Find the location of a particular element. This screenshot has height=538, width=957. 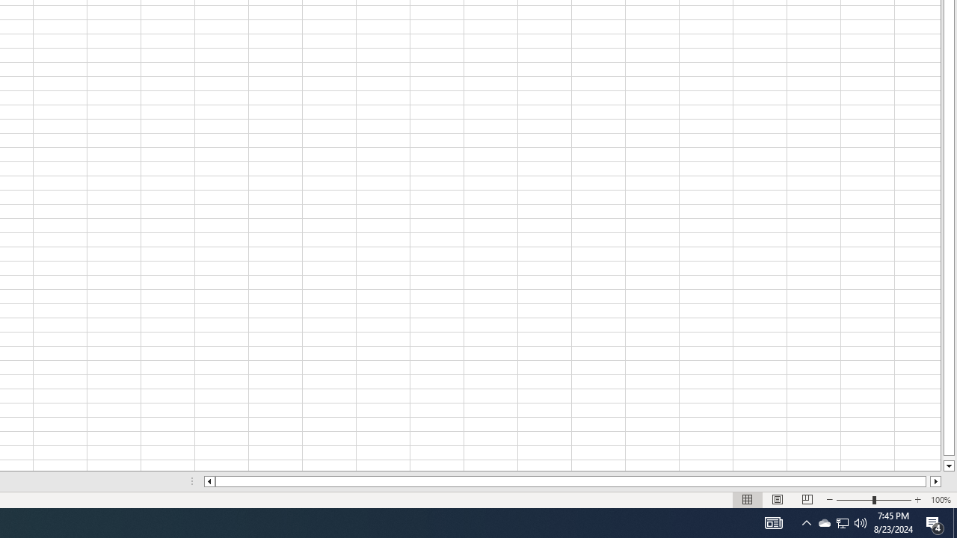

'Column left' is located at coordinates (208, 481).